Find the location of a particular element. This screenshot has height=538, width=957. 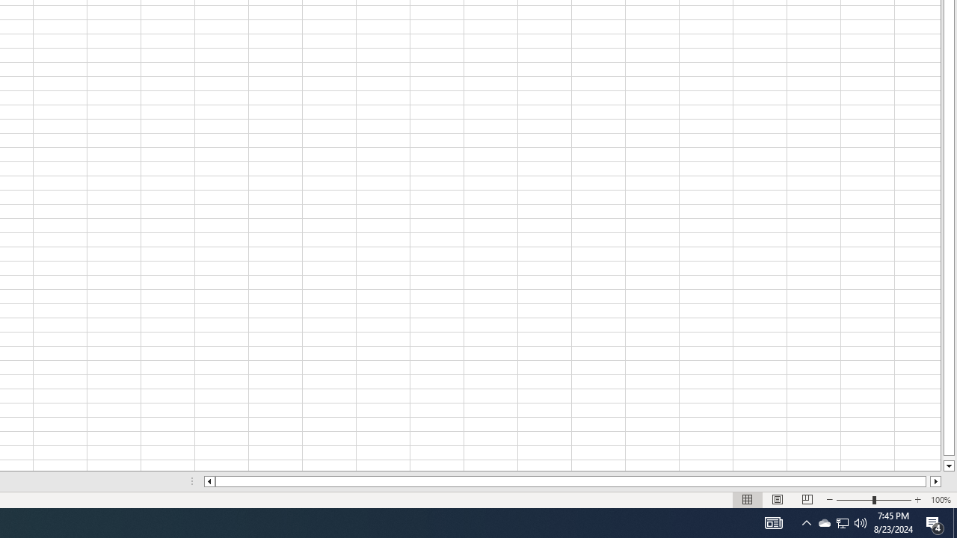

'Column left' is located at coordinates (208, 481).